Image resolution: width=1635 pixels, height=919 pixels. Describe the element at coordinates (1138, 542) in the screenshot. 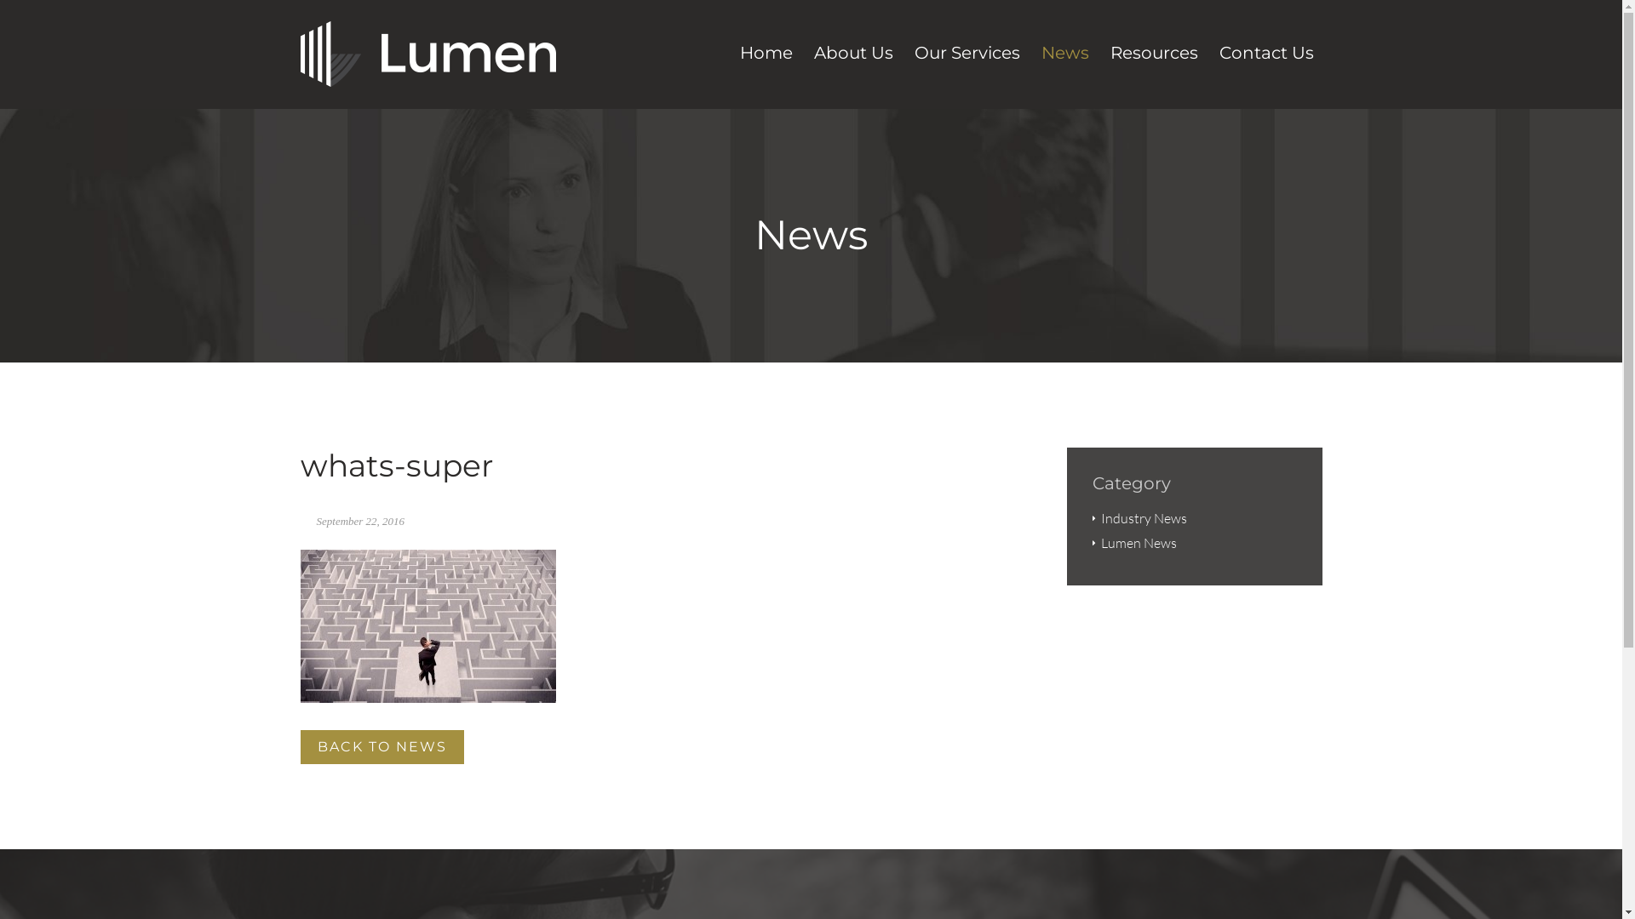

I see `'Lumen News'` at that location.